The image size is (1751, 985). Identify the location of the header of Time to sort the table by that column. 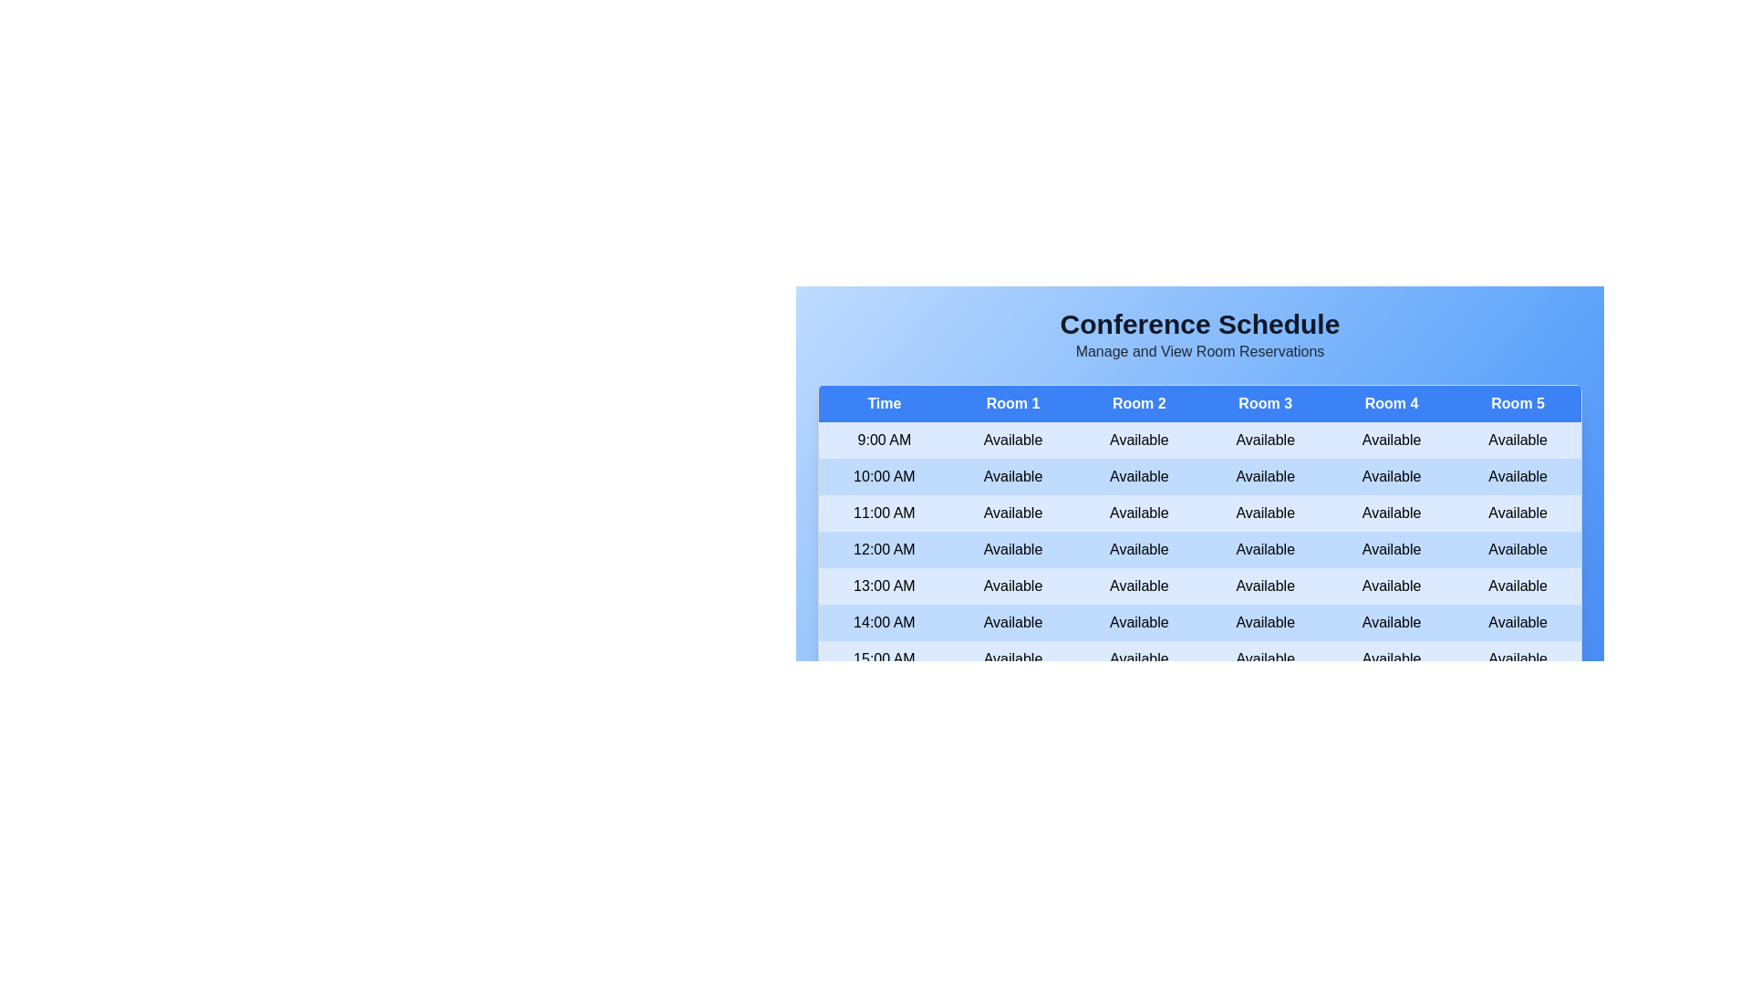
(884, 402).